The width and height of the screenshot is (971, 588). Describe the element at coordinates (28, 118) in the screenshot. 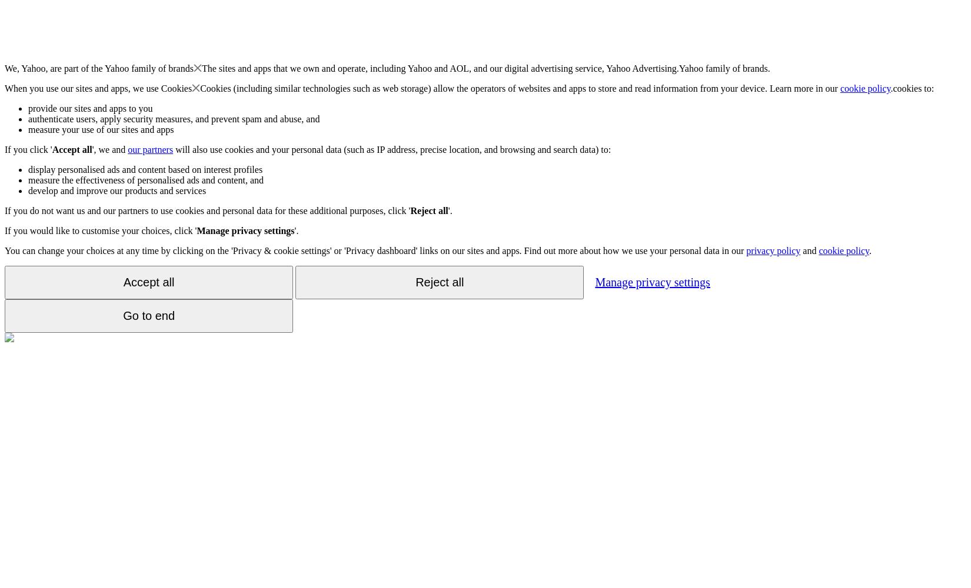

I see `'authenticate users, apply security measures, and prevent spam and abuse, and'` at that location.